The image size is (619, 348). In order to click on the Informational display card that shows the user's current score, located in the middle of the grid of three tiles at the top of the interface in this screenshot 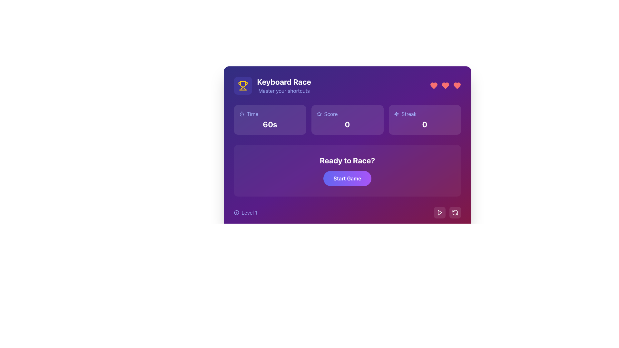, I will do `click(347, 120)`.